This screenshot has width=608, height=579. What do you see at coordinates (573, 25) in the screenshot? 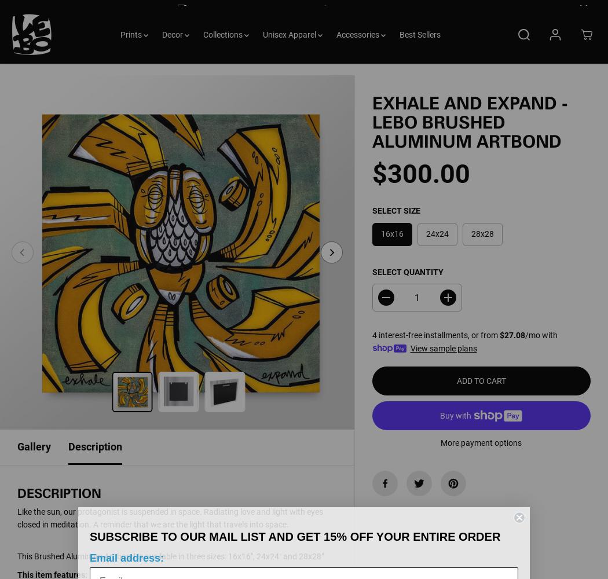
I see `'Close'` at bounding box center [573, 25].